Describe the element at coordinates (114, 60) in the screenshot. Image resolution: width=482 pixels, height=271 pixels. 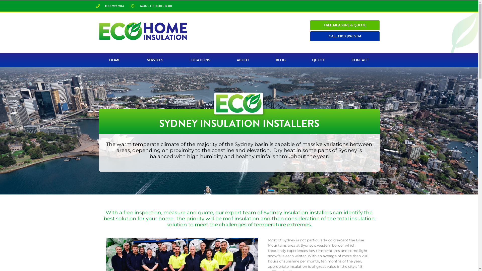
I see `'HOME'` at that location.